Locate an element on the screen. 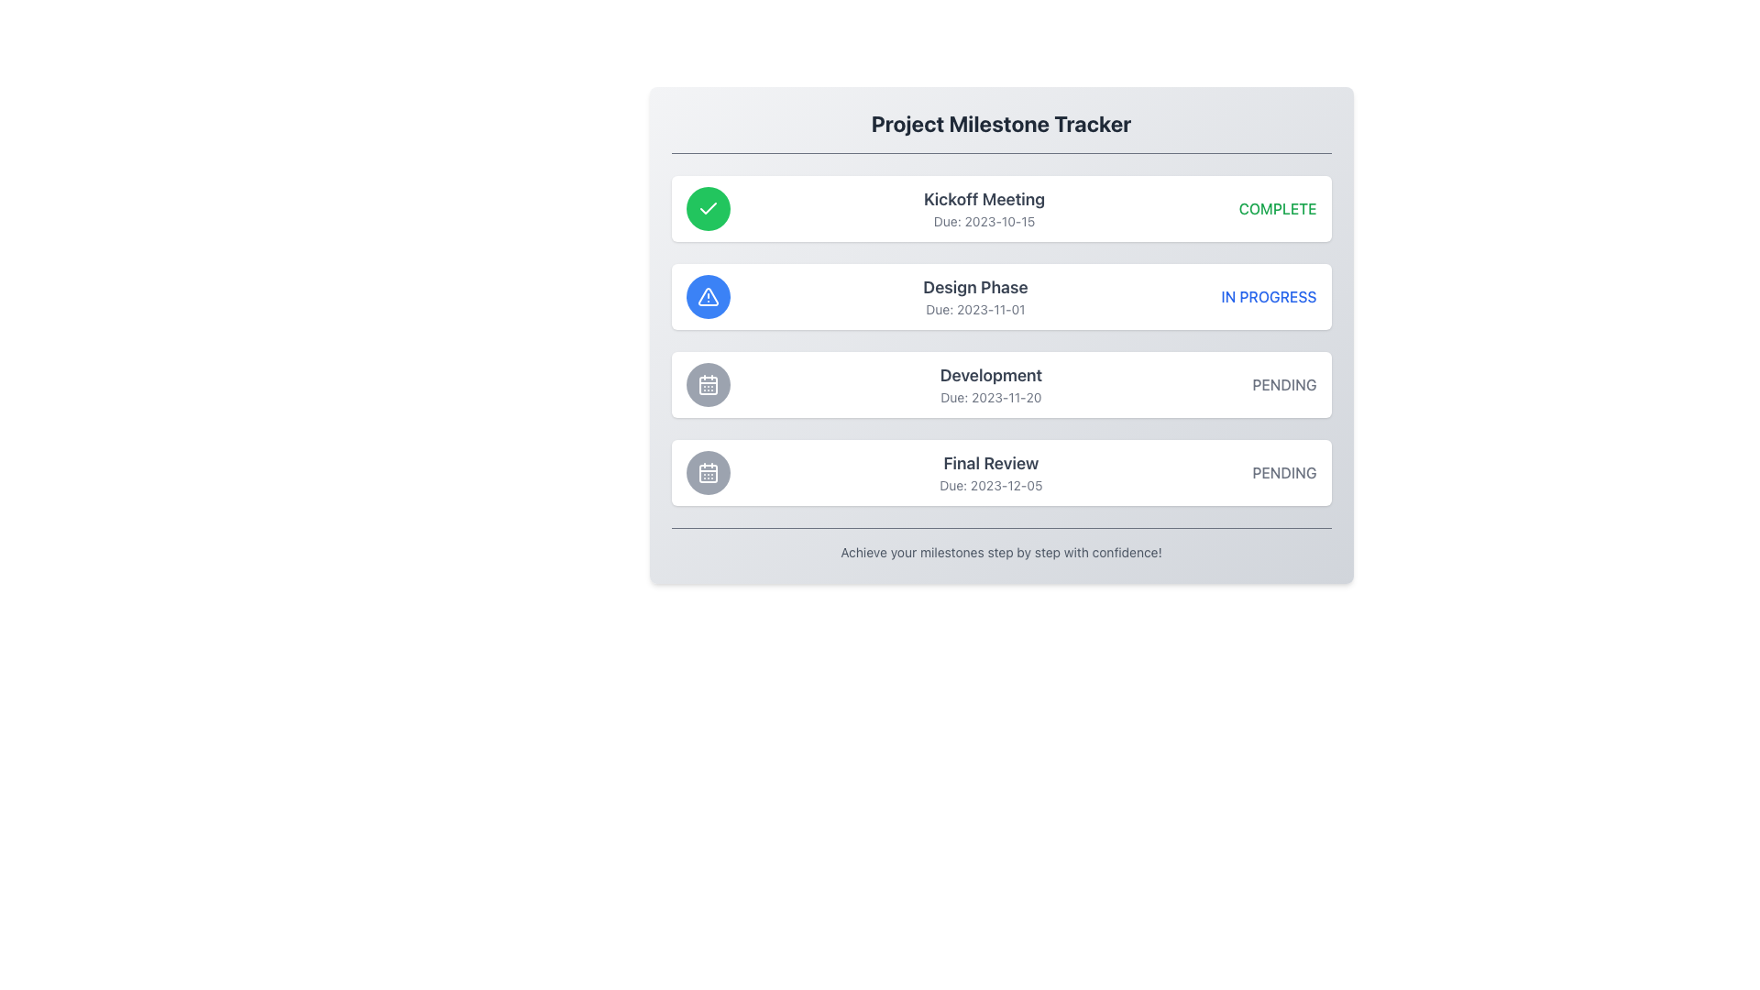 The height and width of the screenshot is (990, 1760). the Text Label that serves as the title for the milestone tracker interface located at the top of the interface is located at coordinates (1000, 124).